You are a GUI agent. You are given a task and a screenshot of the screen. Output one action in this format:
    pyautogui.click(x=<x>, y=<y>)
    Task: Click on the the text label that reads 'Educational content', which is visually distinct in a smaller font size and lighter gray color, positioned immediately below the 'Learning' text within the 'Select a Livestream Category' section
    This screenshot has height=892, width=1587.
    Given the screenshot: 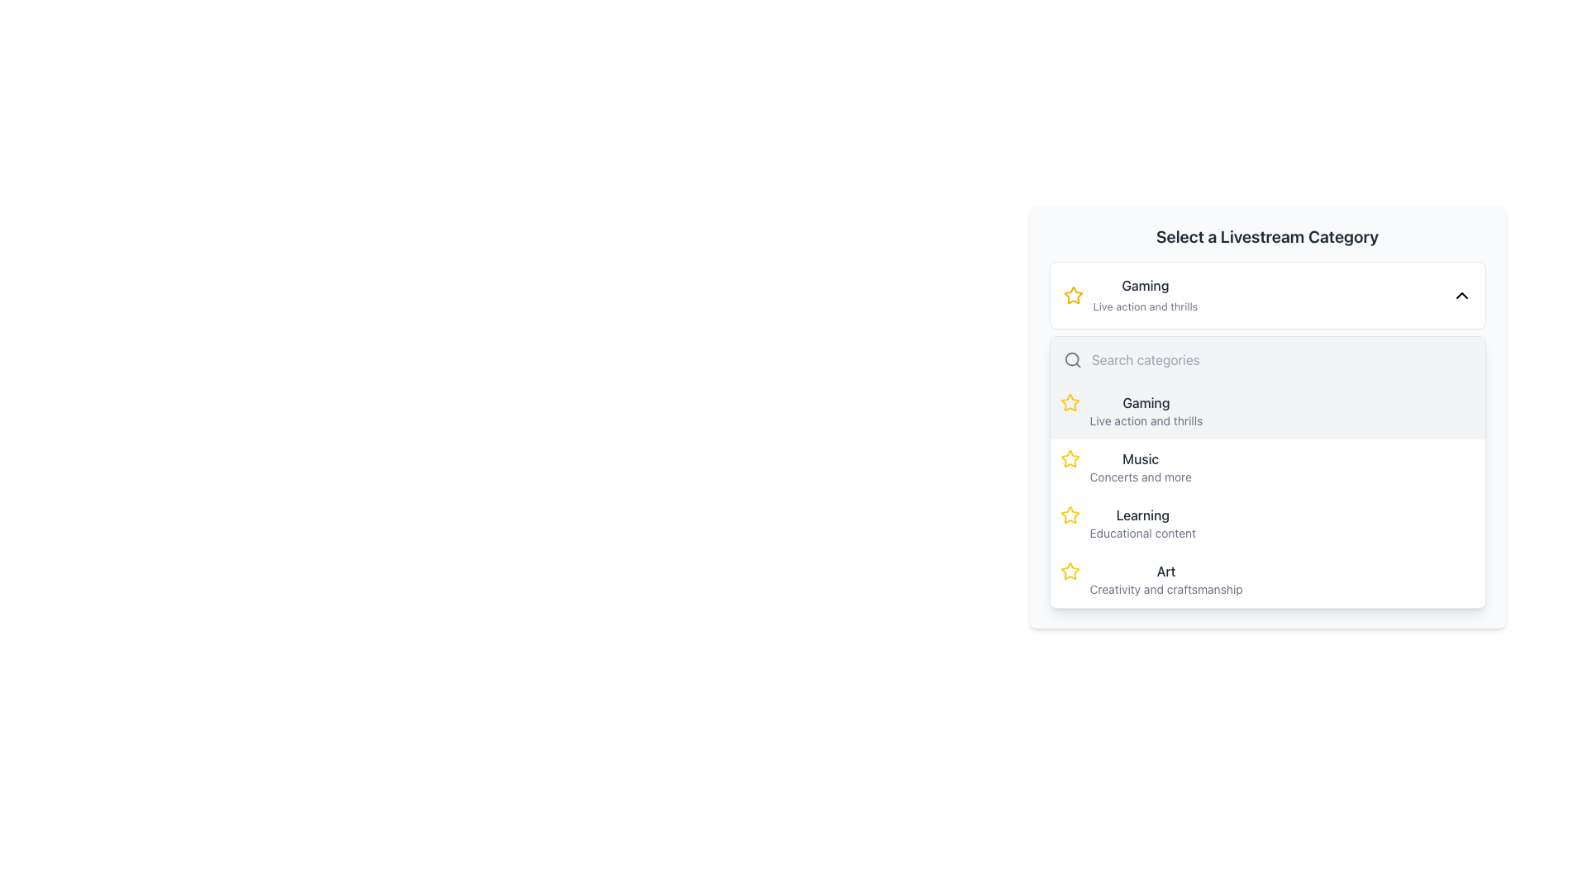 What is the action you would take?
    pyautogui.click(x=1141, y=533)
    